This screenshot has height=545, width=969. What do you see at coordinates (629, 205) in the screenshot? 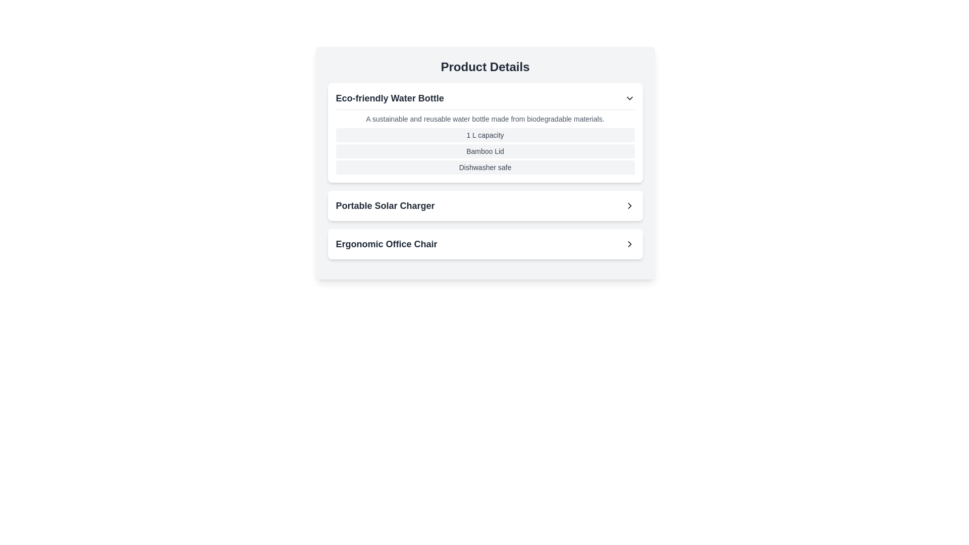
I see `the right-facing chevron icon styled in black, which indicates navigation or expansion, located to the far-right of the 'Portable Solar Charger' item` at bounding box center [629, 205].